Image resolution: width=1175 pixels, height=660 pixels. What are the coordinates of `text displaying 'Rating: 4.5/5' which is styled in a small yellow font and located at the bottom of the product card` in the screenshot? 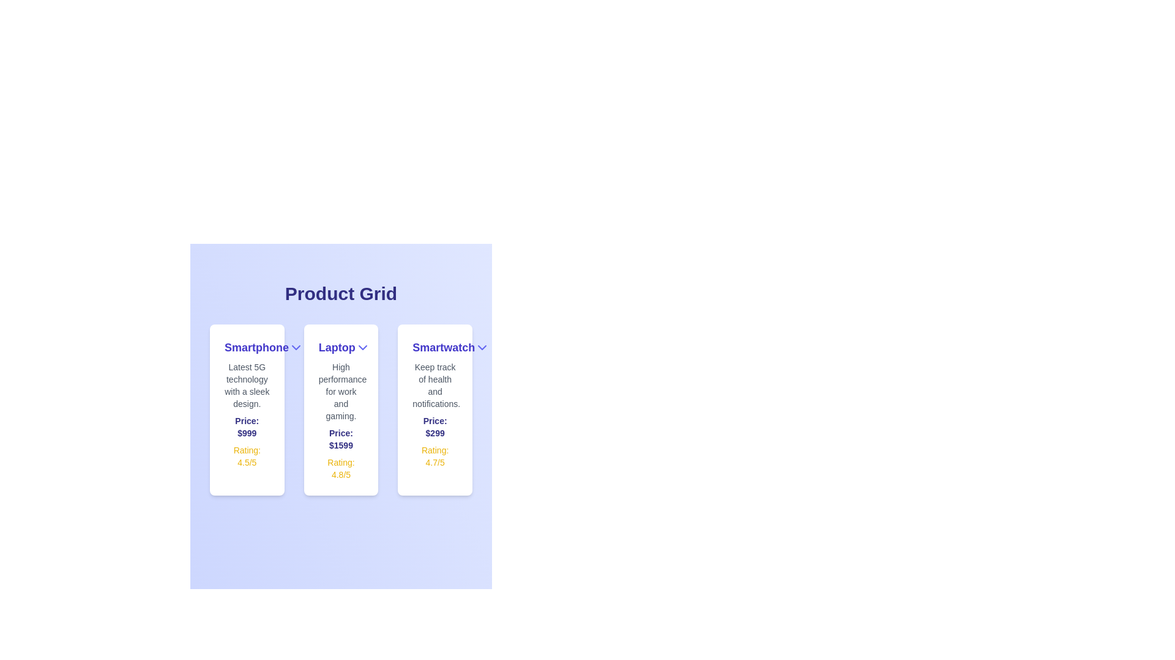 It's located at (246, 457).